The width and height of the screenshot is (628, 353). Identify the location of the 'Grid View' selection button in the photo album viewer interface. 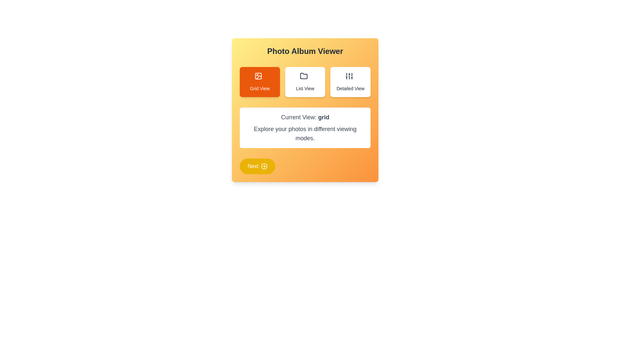
(259, 77).